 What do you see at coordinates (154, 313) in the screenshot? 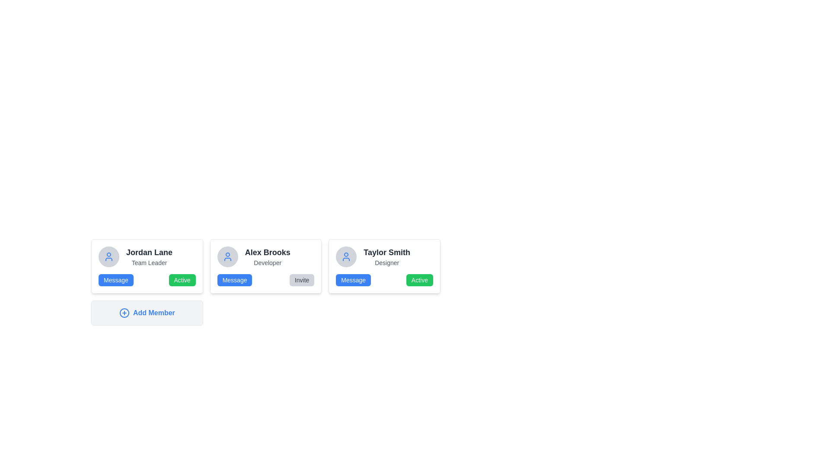
I see `text label 'Add Member' which is displayed in bold blue font and is located within a rounded rectangular box, positioned beneath the user card elements` at bounding box center [154, 313].